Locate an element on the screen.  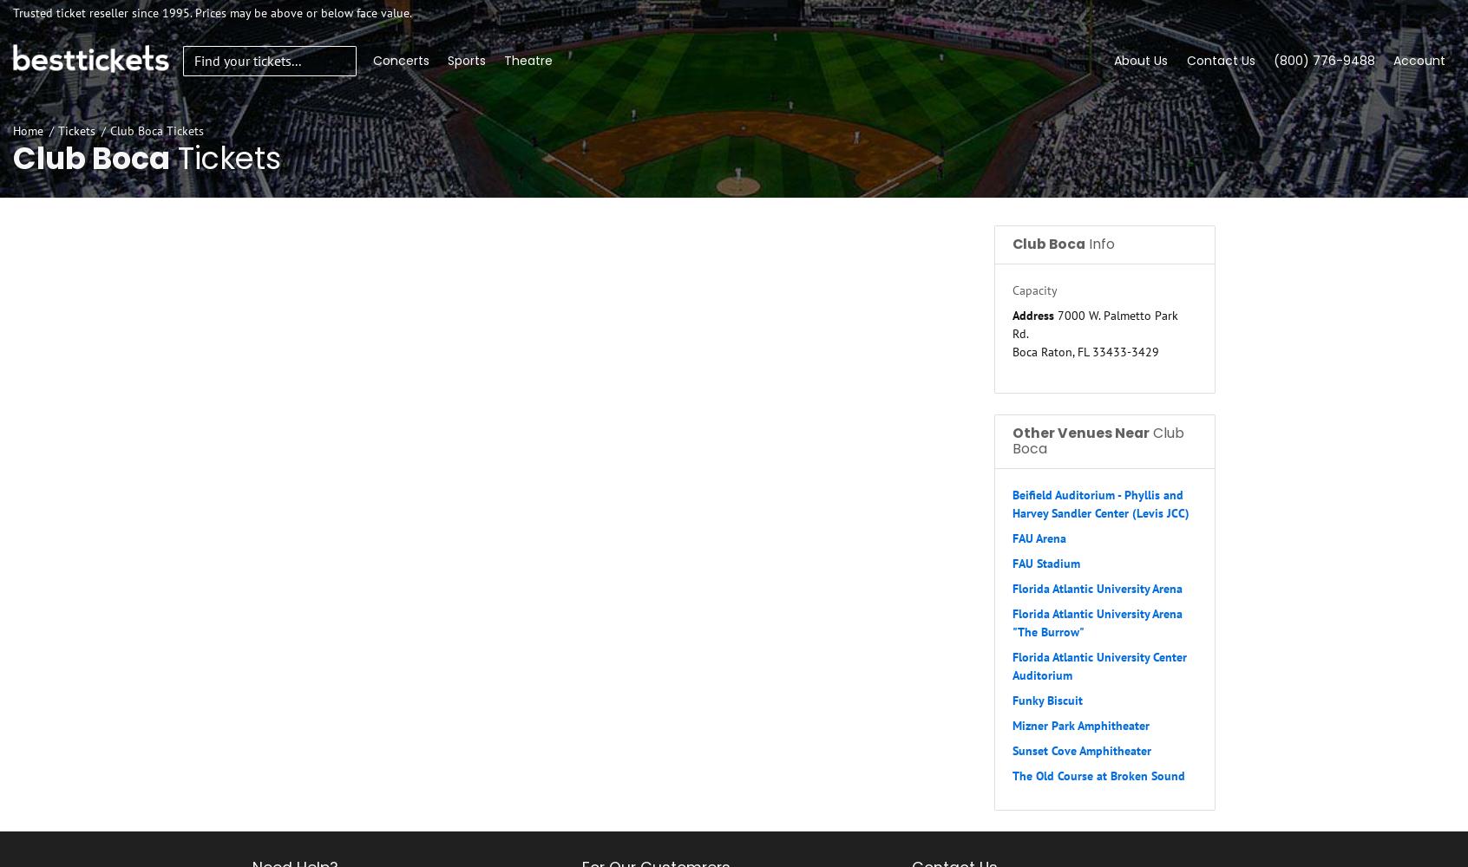
'Florida Atlantic University Arena "The Burrow"' is located at coordinates (1097, 622).